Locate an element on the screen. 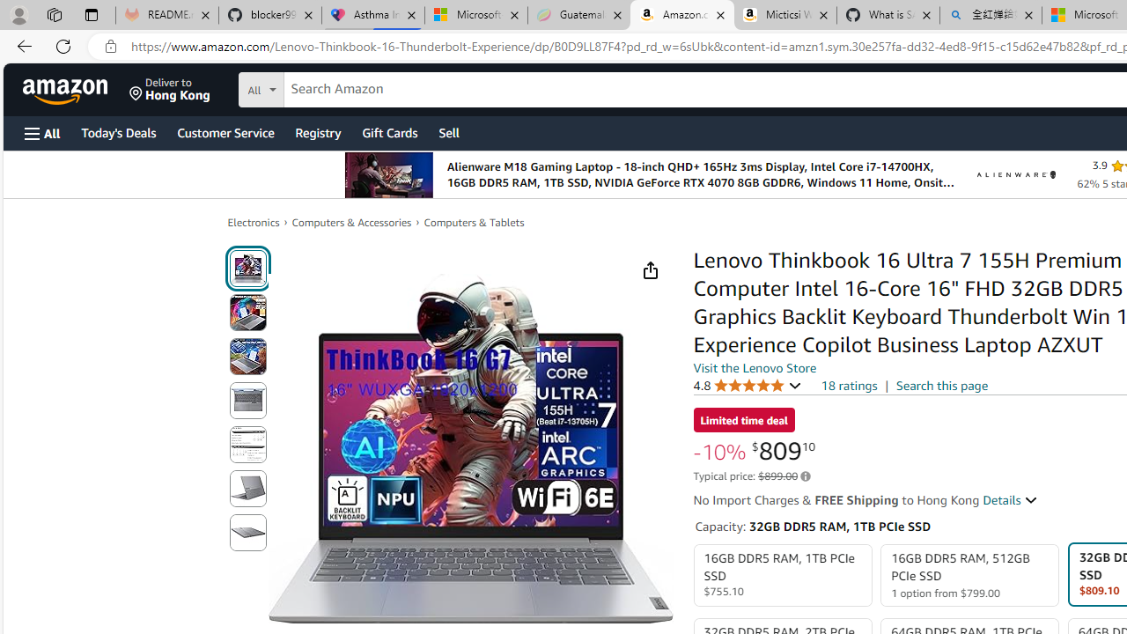 The width and height of the screenshot is (1127, 634). 'Computers & Accessories' is located at coordinates (352, 222).